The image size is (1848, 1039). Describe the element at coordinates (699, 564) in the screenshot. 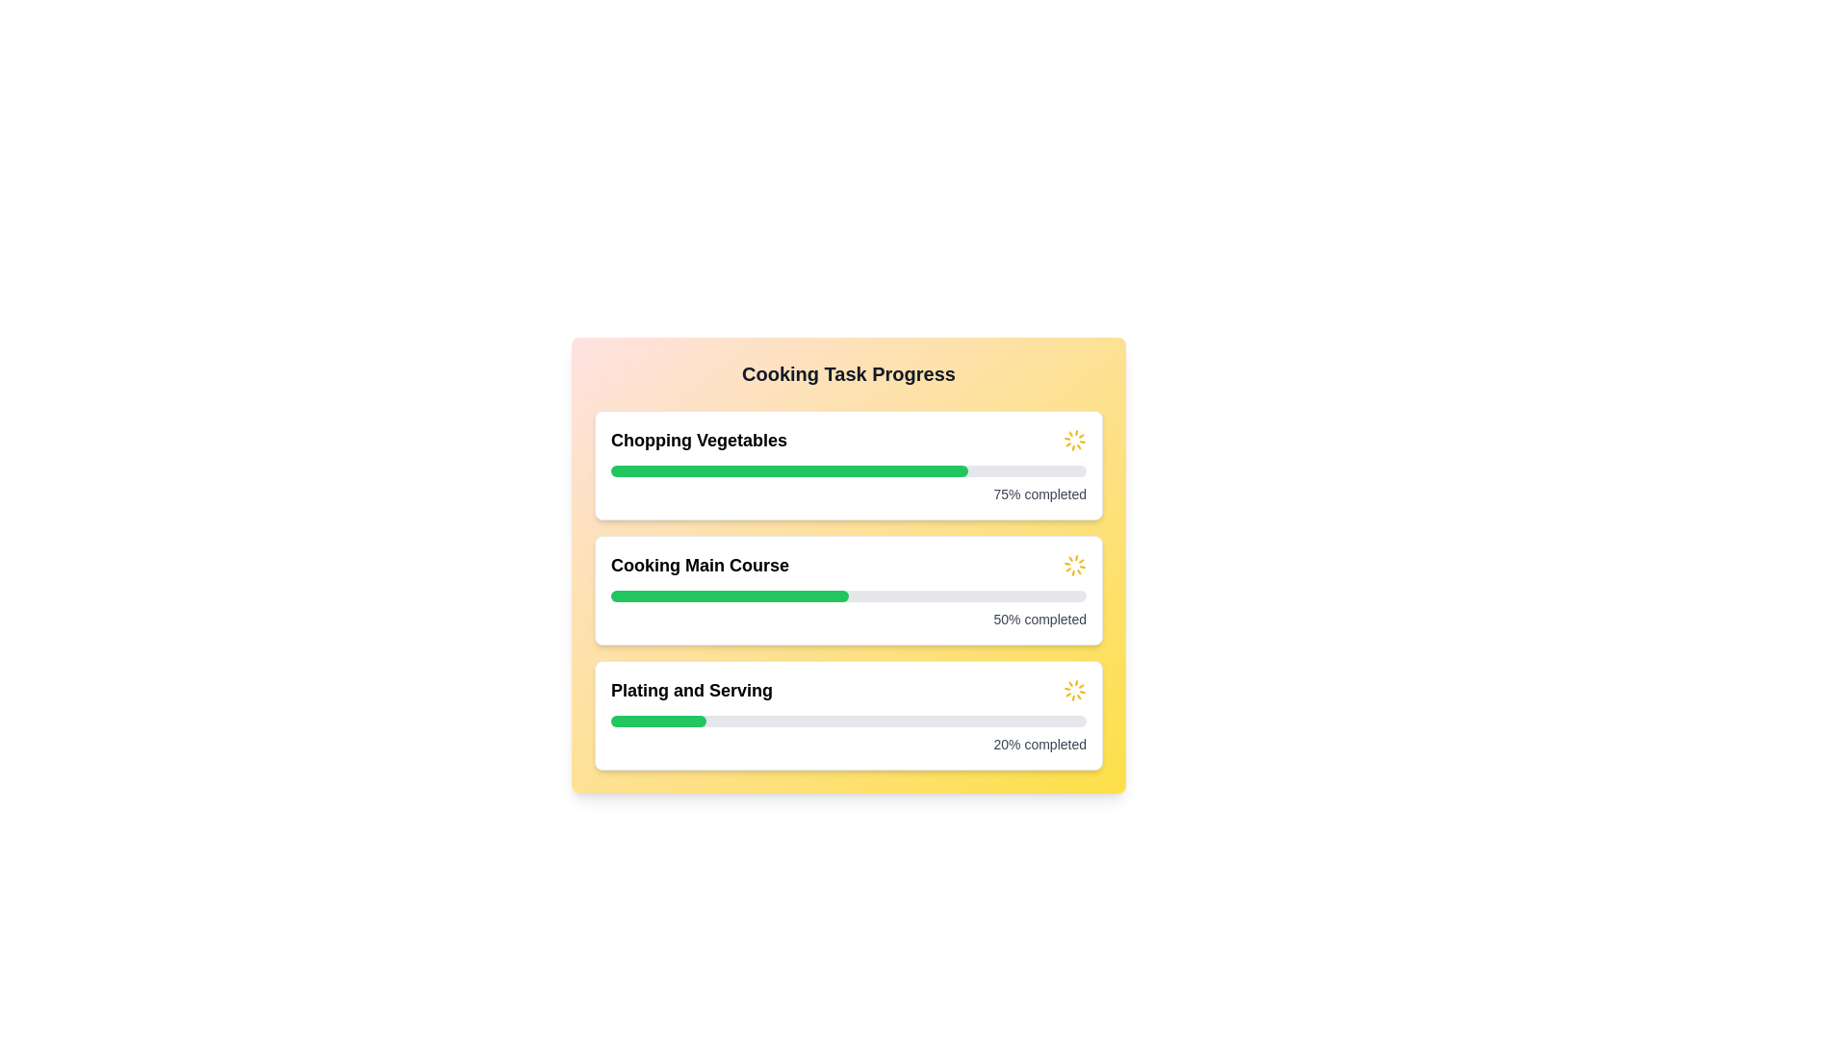

I see `the Text Label that indicates the task 'Cooking Main Course'` at that location.